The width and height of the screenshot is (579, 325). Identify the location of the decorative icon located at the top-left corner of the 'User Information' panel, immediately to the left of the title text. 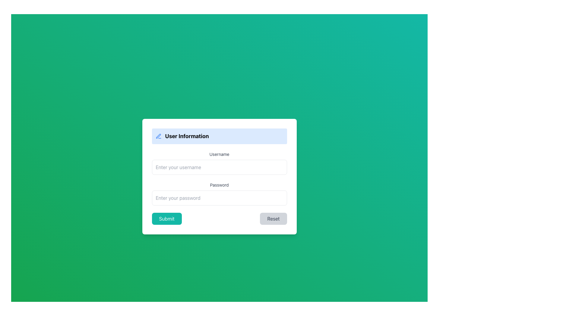
(158, 136).